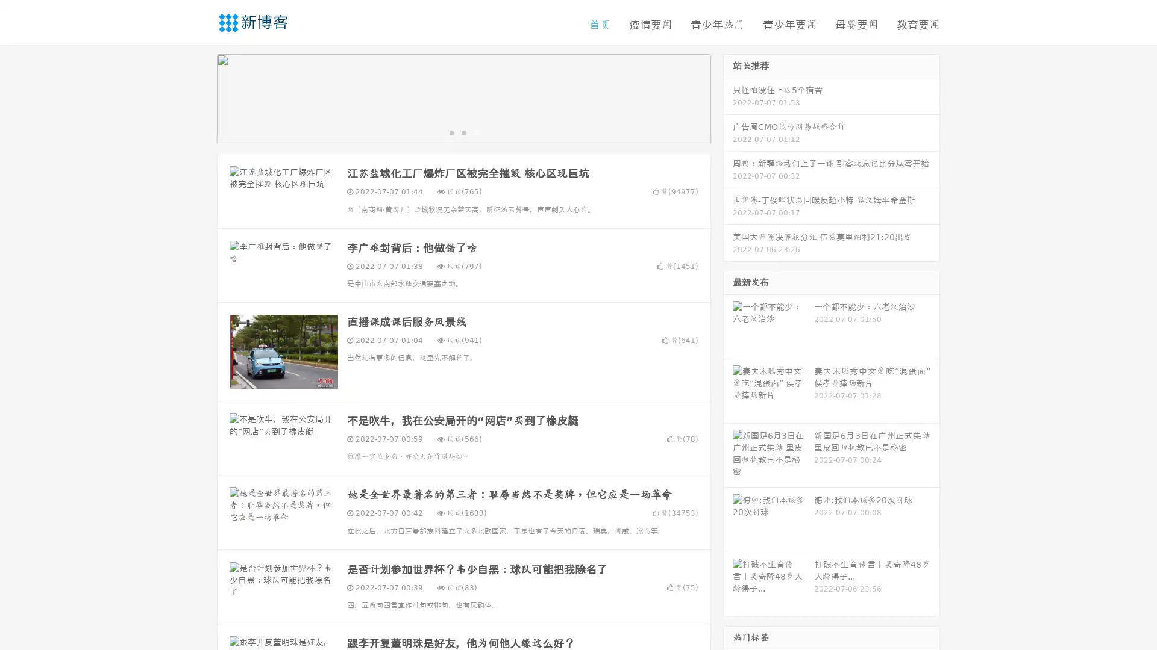  I want to click on Next slide, so click(728, 101).